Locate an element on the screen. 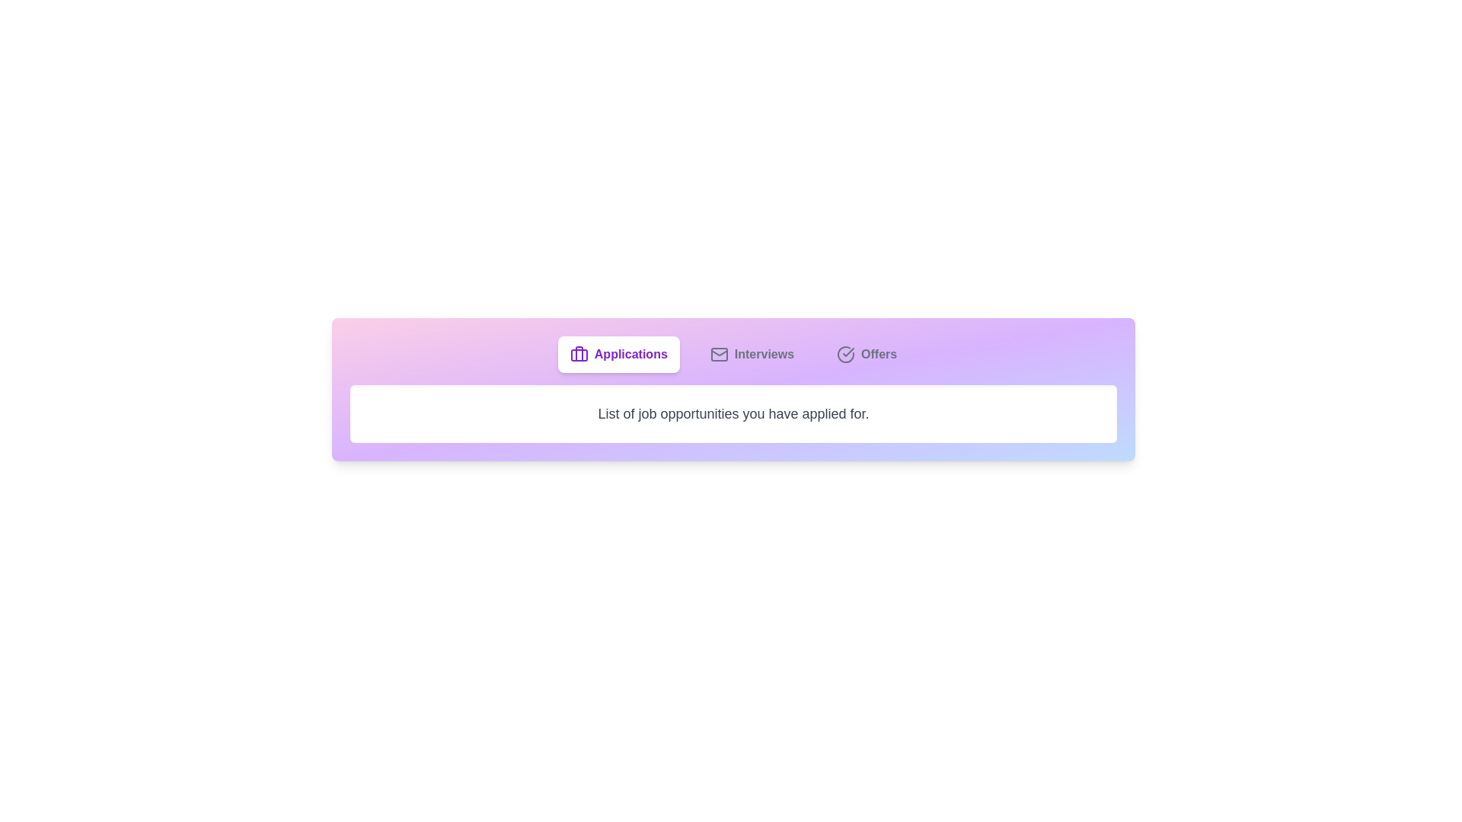 The image size is (1462, 822). the Offers tab to observe its hover effect is located at coordinates (866, 355).